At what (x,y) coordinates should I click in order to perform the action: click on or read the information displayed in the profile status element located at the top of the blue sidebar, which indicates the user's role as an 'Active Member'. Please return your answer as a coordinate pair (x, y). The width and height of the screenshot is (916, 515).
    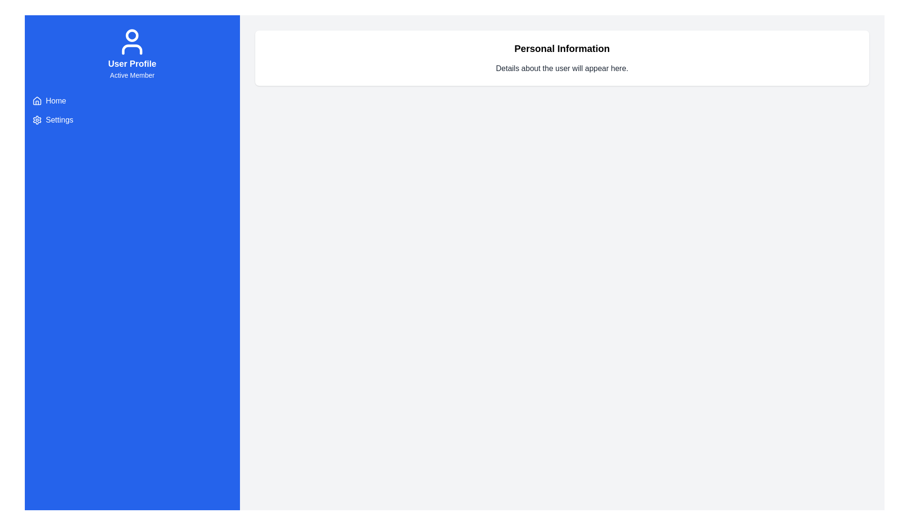
    Looking at the image, I should click on (132, 53).